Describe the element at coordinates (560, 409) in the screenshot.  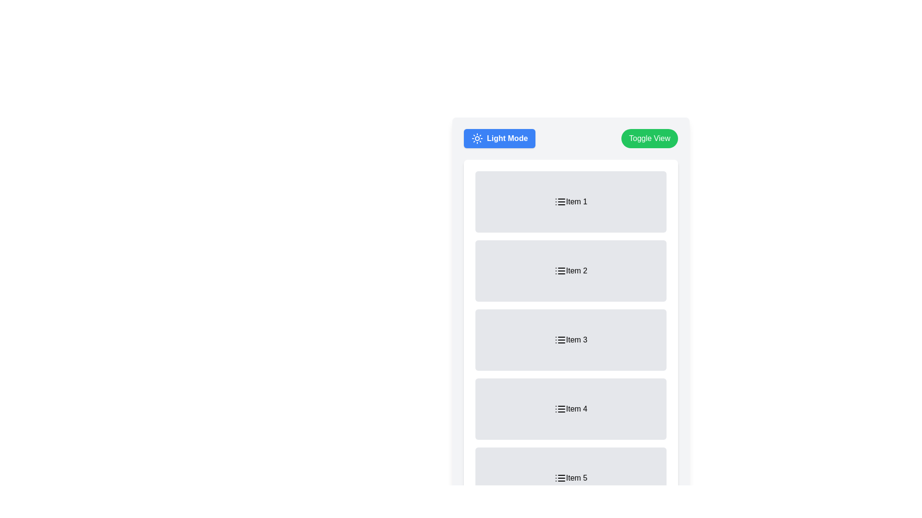
I see `the compact grid-like icon consisting of three horizontal lines with circles, located inside the 'Item 4' box` at that location.